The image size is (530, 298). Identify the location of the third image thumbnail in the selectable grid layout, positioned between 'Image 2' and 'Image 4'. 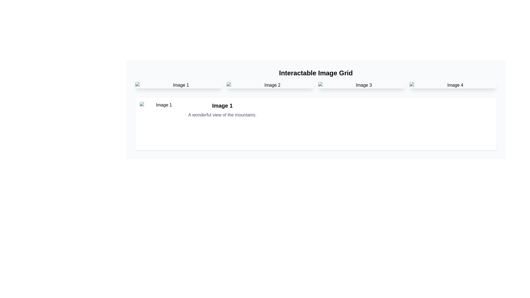
(362, 85).